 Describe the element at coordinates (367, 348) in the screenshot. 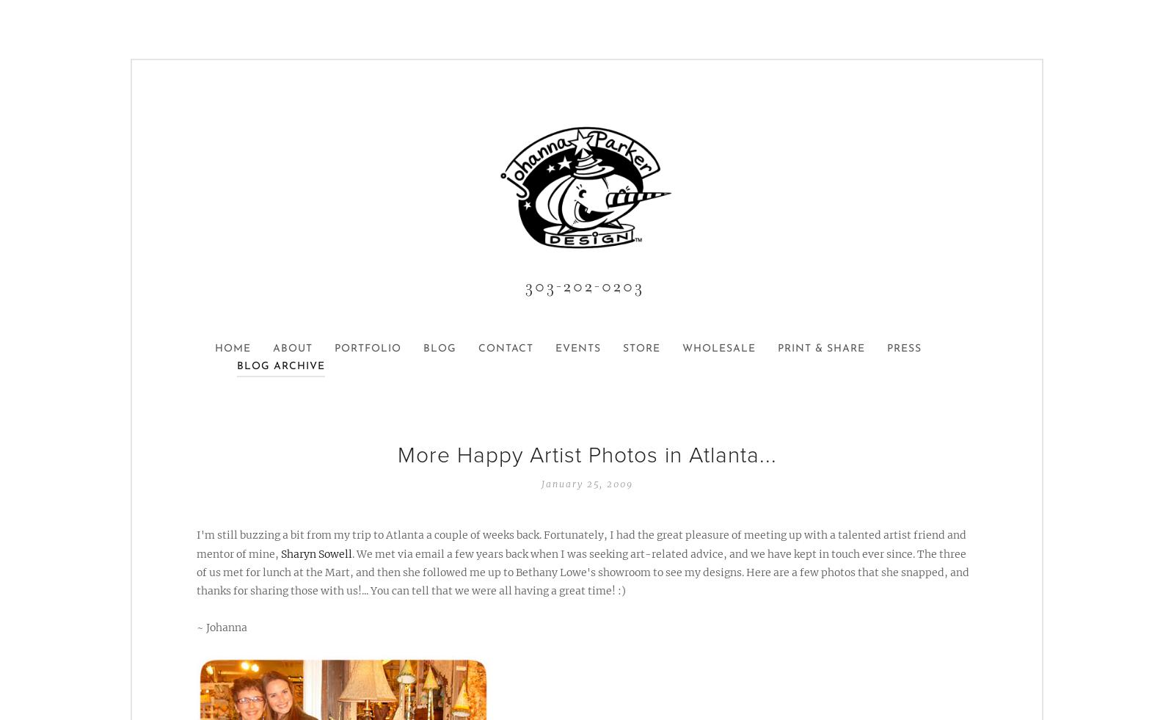

I see `'Portfolio'` at that location.